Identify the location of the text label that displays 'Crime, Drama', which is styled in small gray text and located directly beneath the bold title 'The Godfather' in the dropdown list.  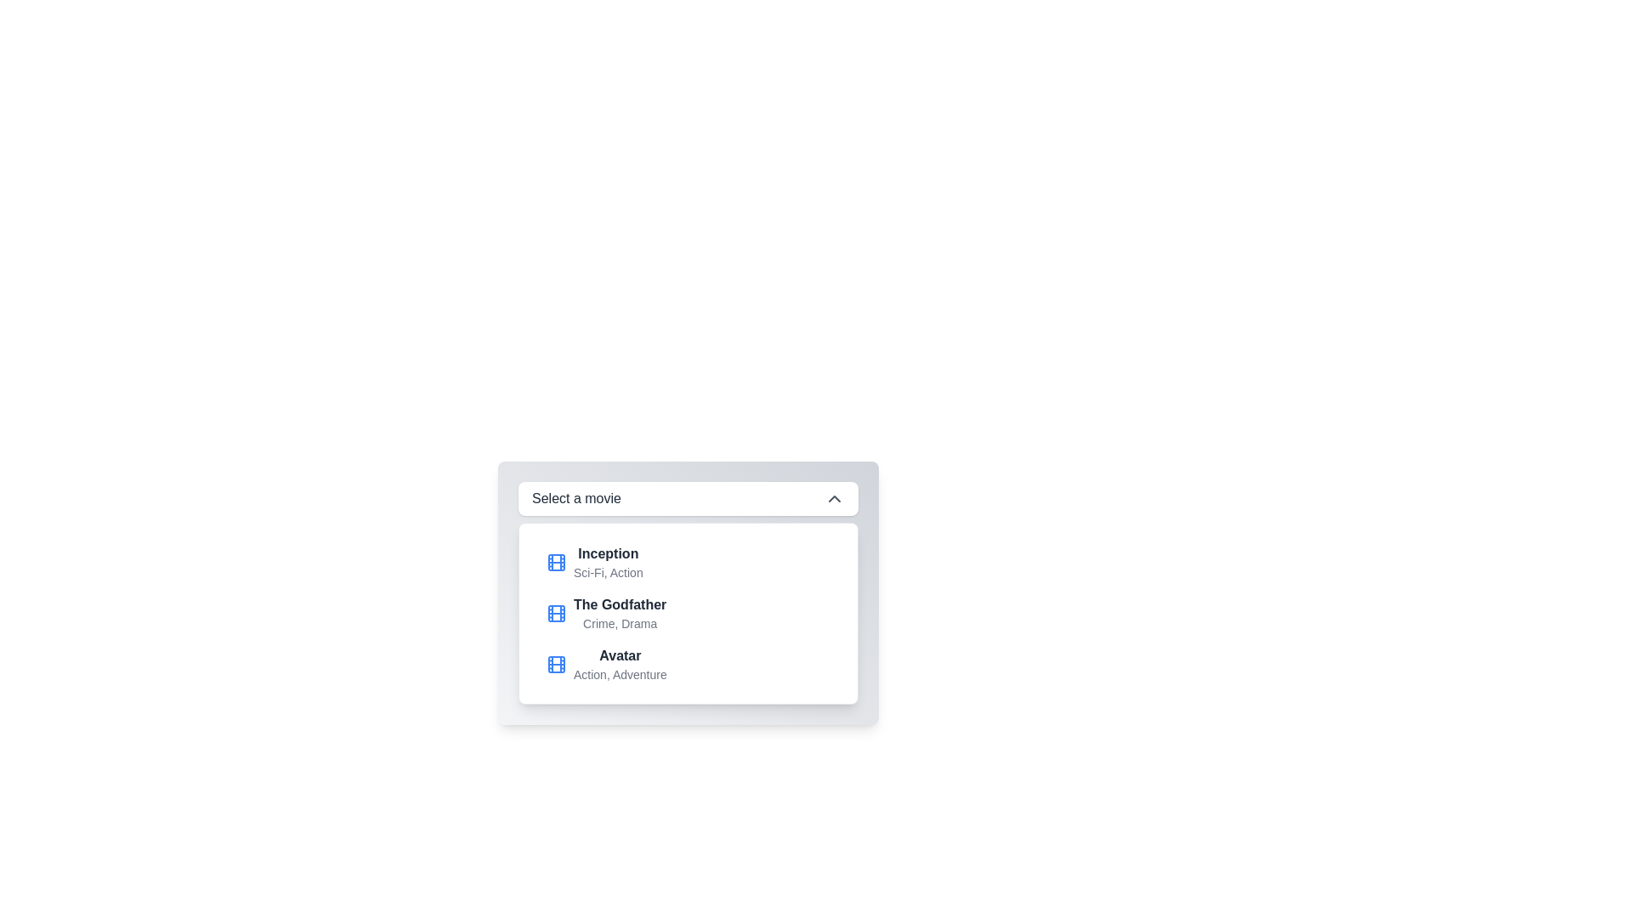
(619, 623).